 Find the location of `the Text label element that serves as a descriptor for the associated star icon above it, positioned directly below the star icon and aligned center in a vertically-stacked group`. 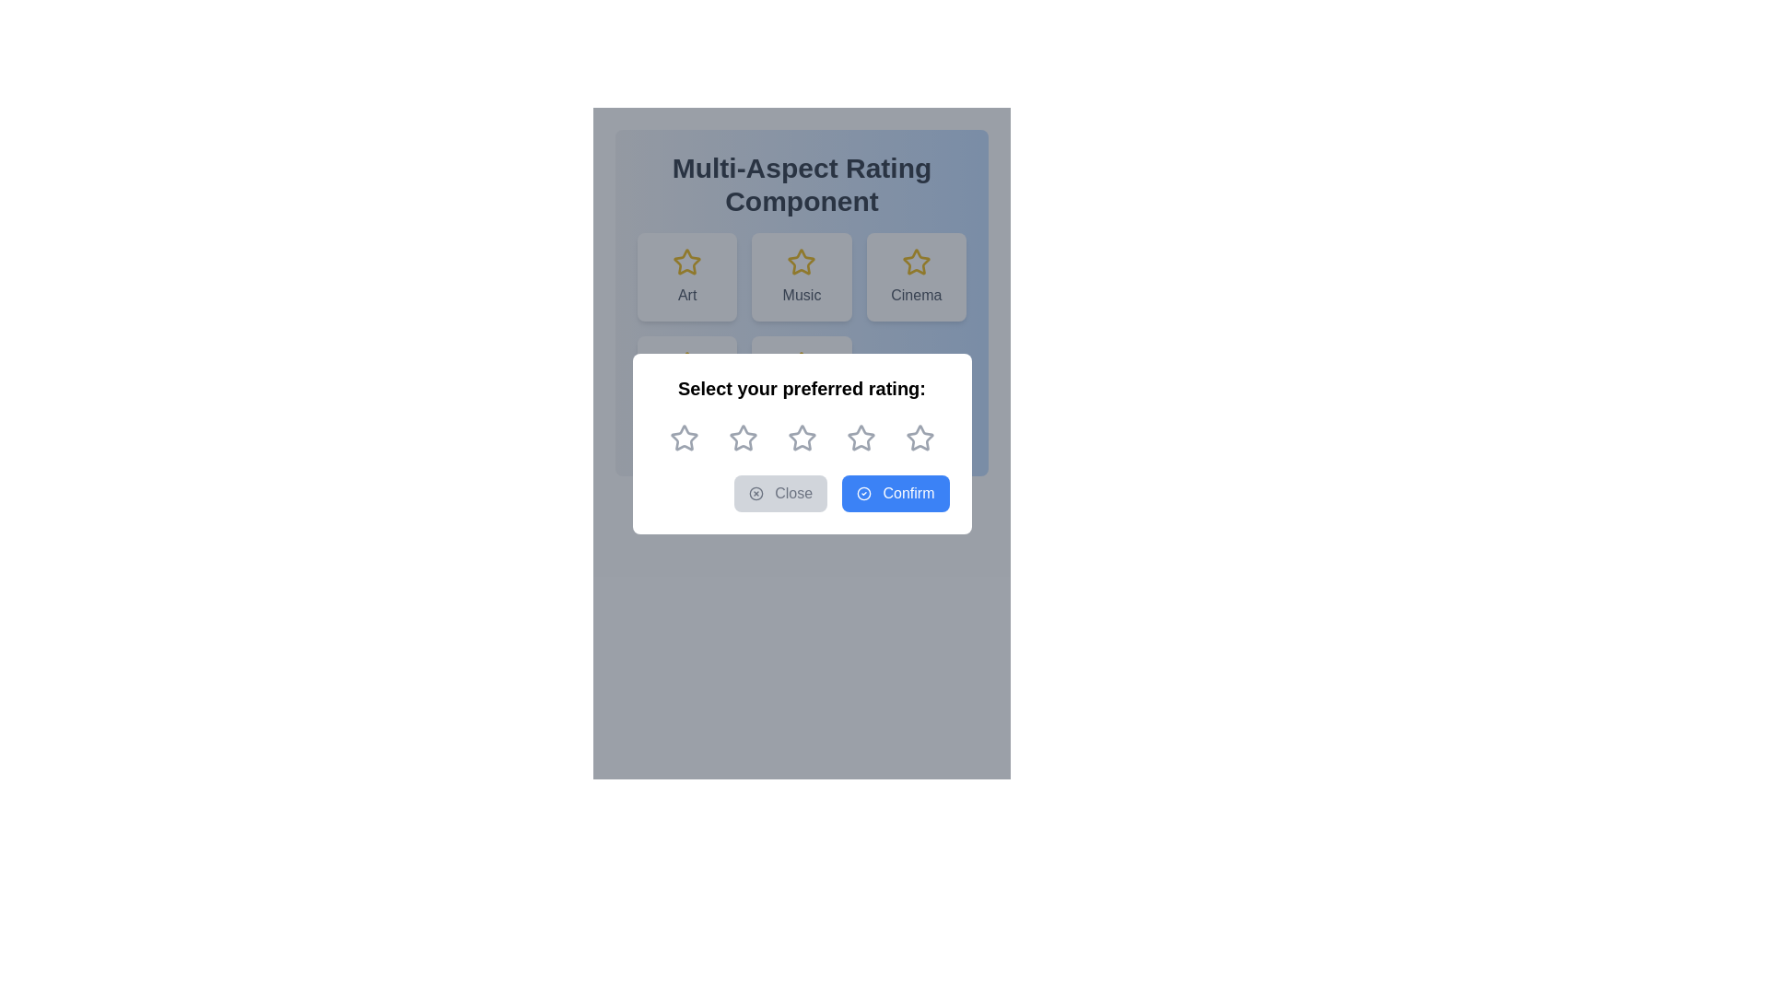

the Text label element that serves as a descriptor for the associated star icon above it, positioned directly below the star icon and aligned center in a vertically-stacked group is located at coordinates (686, 294).